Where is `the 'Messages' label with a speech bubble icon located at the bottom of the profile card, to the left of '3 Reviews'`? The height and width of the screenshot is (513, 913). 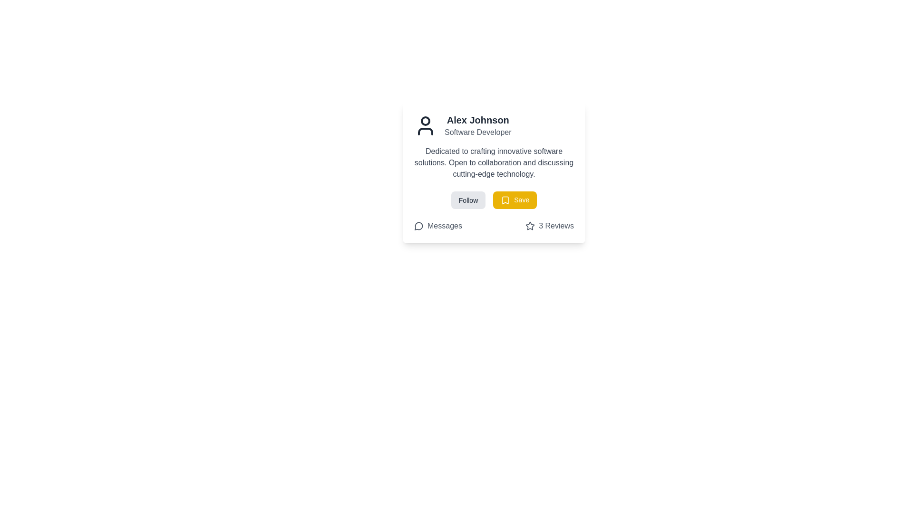 the 'Messages' label with a speech bubble icon located at the bottom of the profile card, to the left of '3 Reviews' is located at coordinates (437, 226).